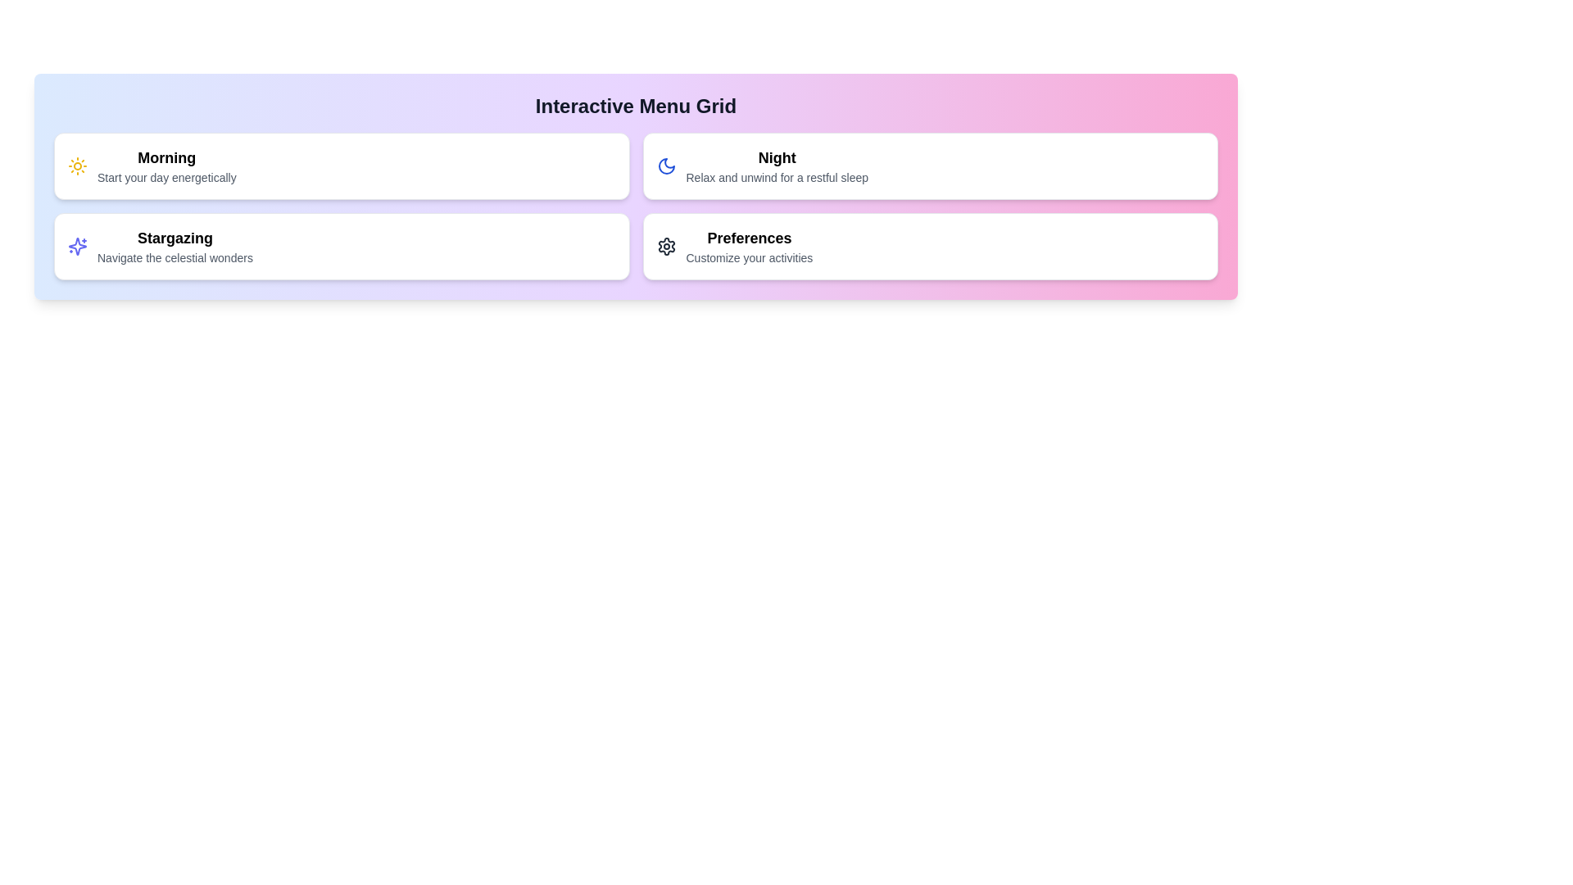 The height and width of the screenshot is (885, 1573). Describe the element at coordinates (930, 166) in the screenshot. I see `the menu item corresponding to Night` at that location.